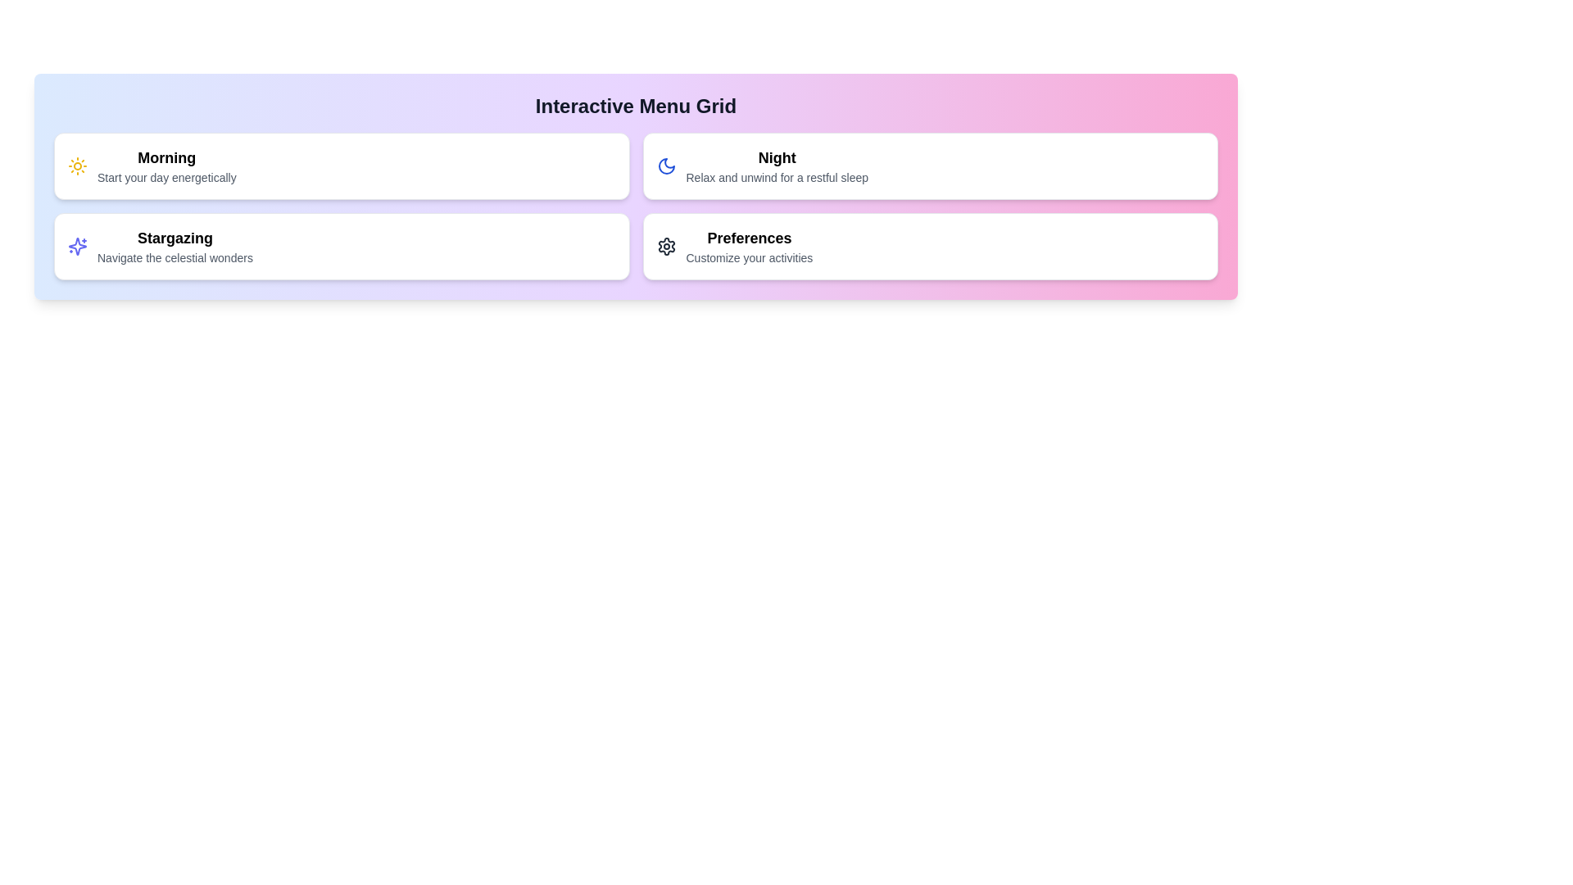 The height and width of the screenshot is (885, 1573). Describe the element at coordinates (930, 166) in the screenshot. I see `the menu item corresponding to Night` at that location.